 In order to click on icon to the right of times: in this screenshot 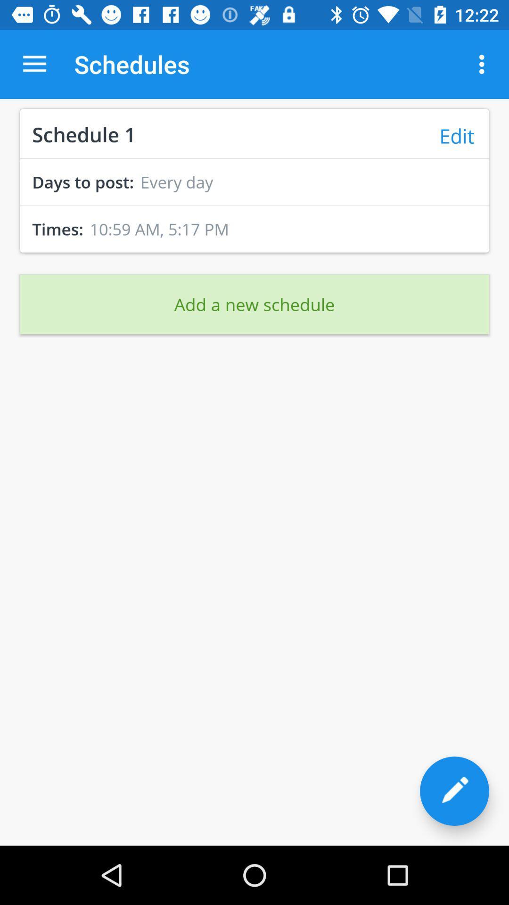, I will do `click(159, 229)`.